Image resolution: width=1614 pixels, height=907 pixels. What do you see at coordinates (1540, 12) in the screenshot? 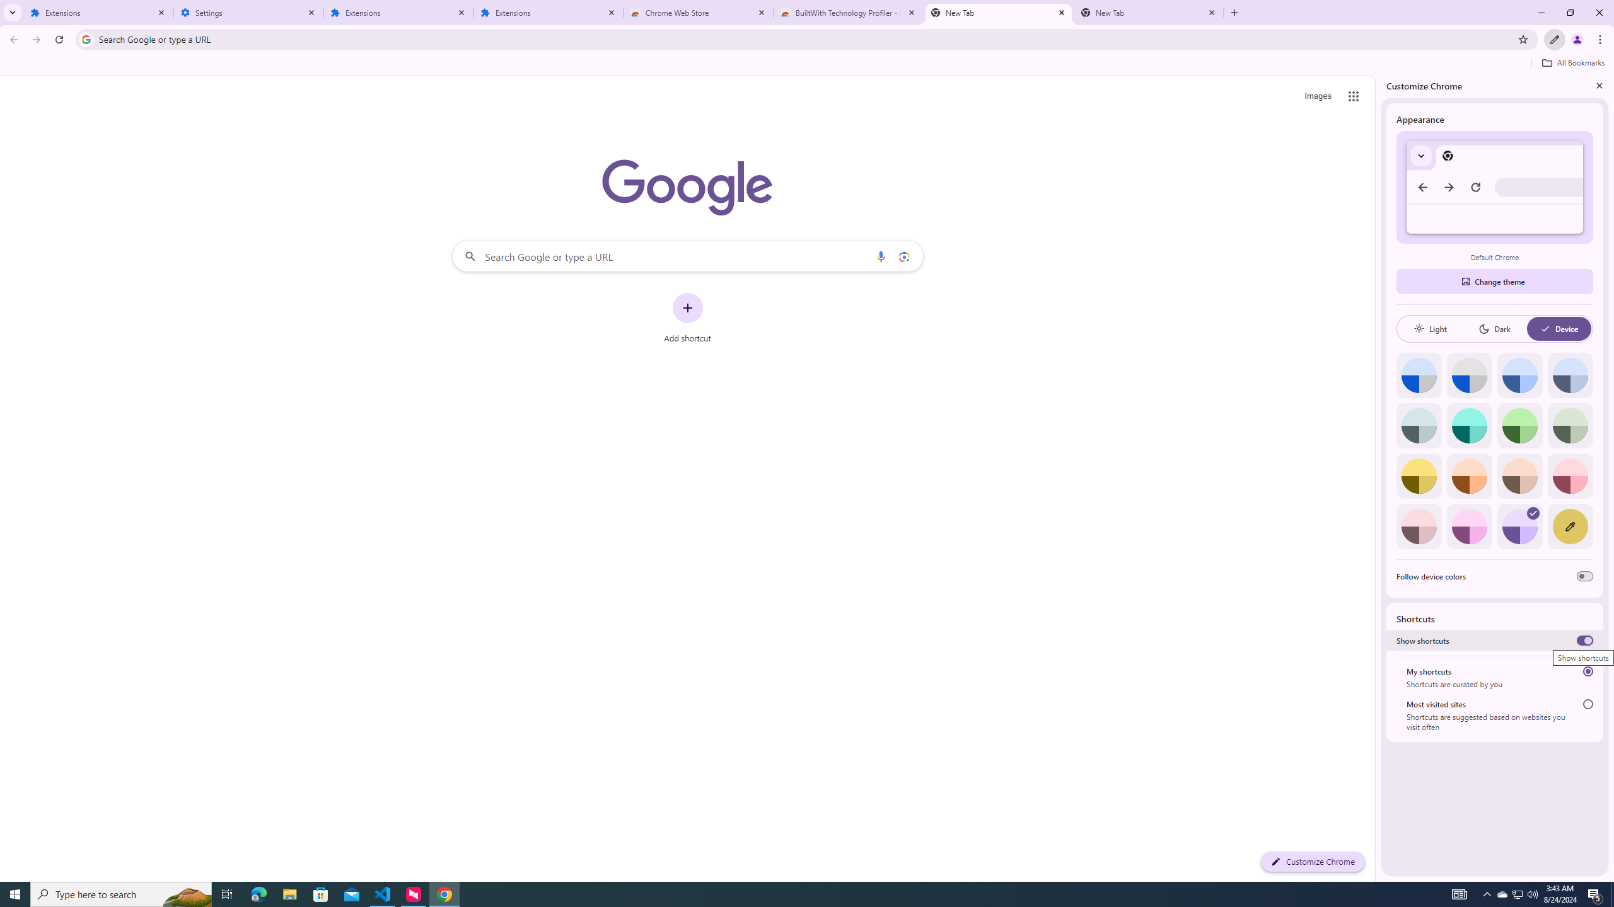
I see `'Minimize'` at bounding box center [1540, 12].